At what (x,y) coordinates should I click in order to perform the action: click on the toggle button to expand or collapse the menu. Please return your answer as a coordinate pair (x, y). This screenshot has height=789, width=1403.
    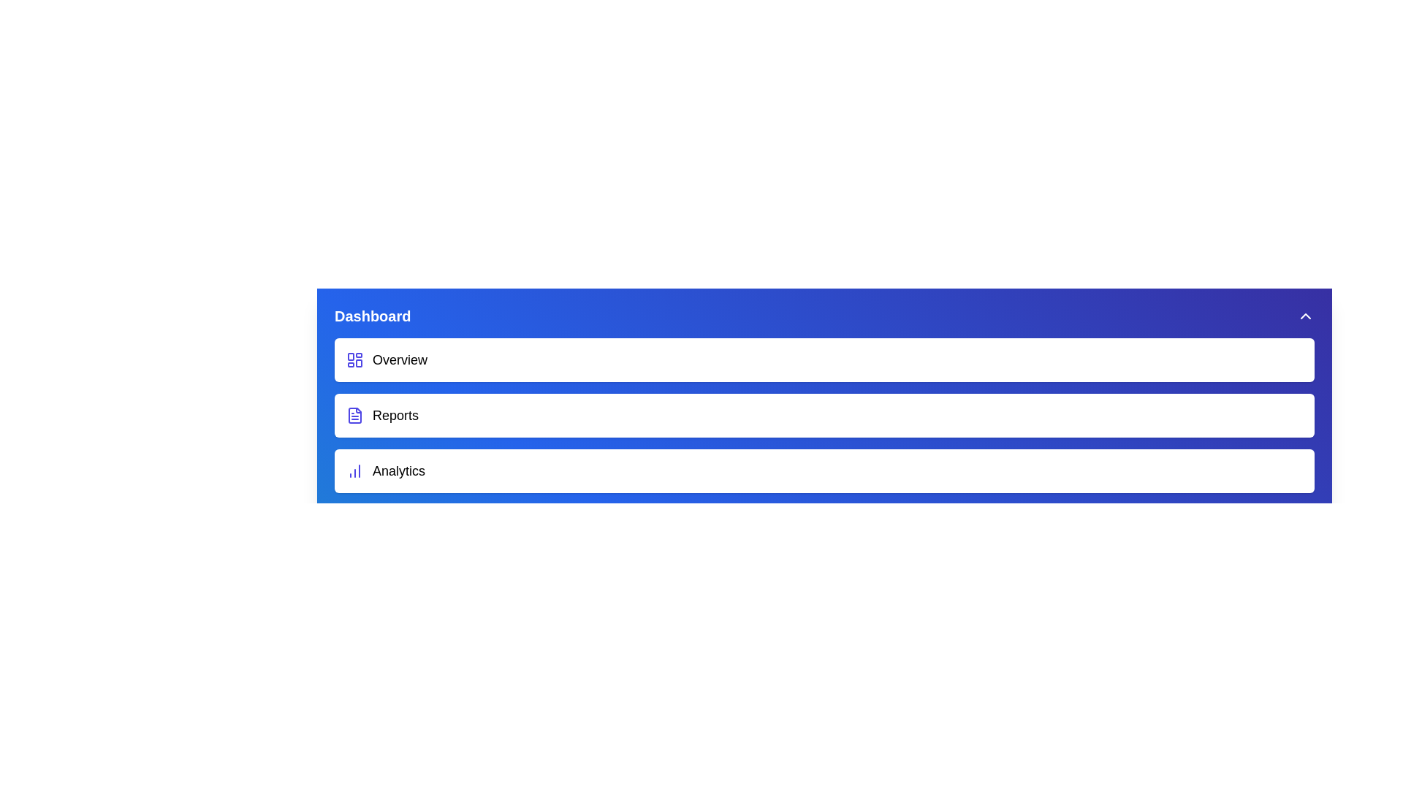
    Looking at the image, I should click on (1305, 315).